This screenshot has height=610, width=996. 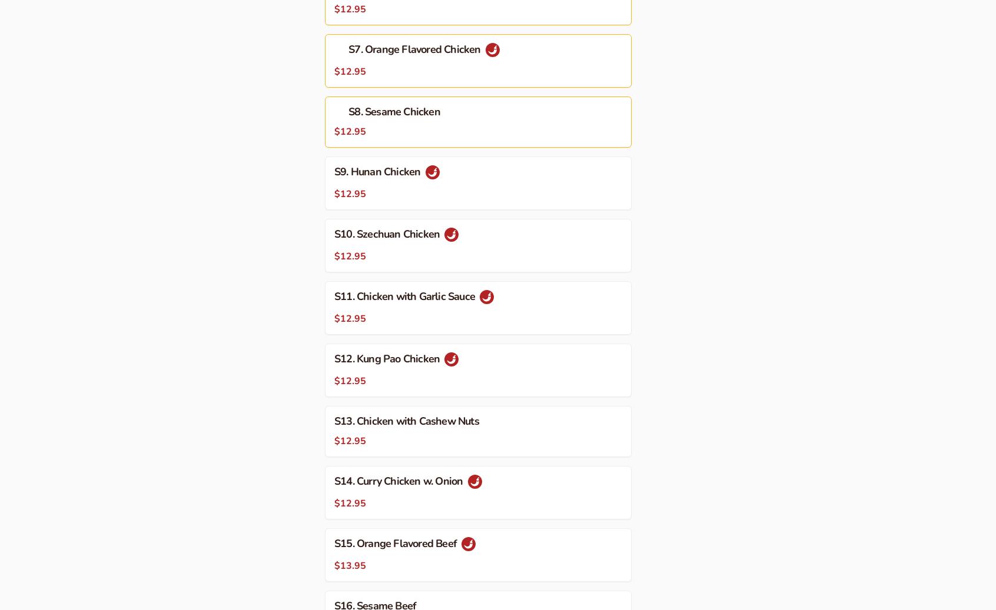 I want to click on '$13.95', so click(x=334, y=565).